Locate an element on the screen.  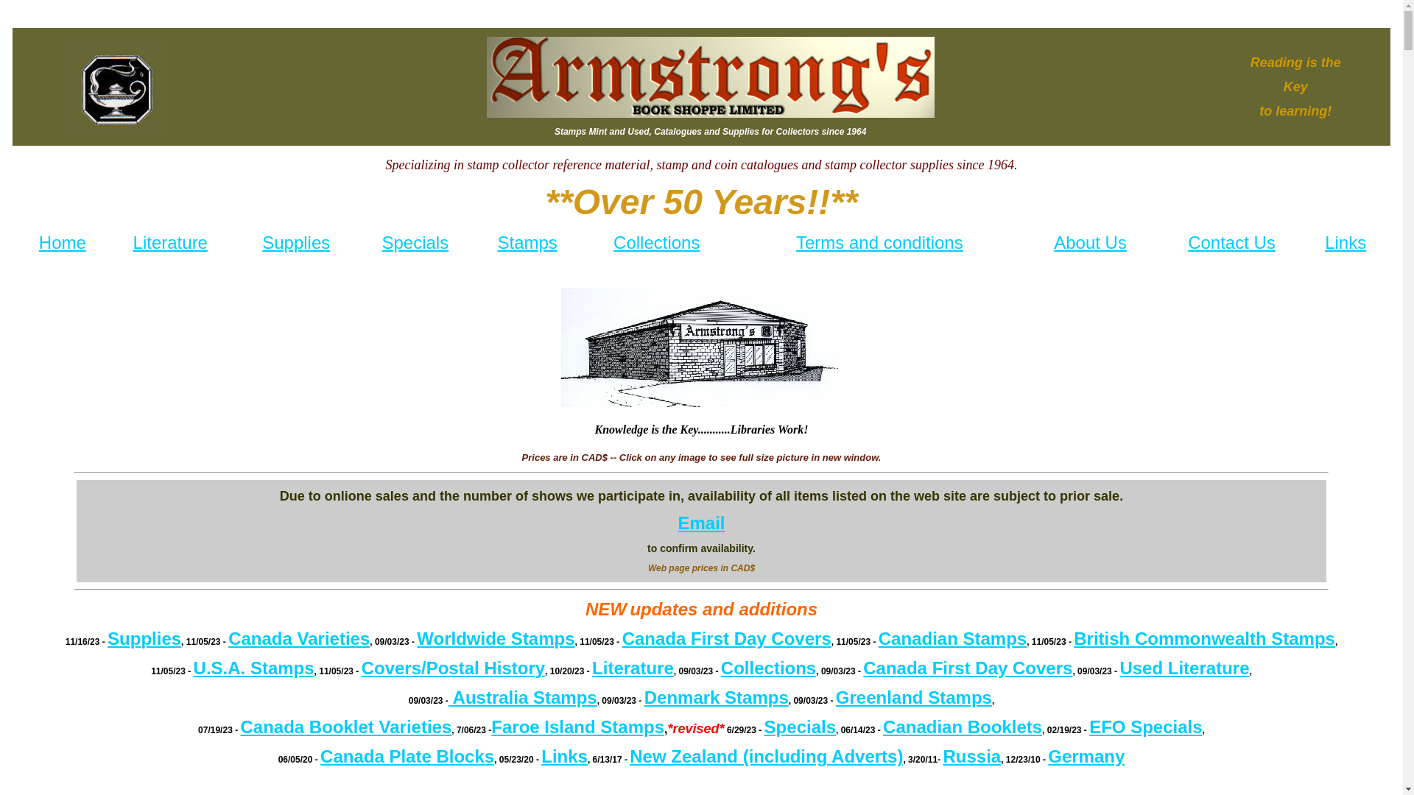
'Canada Varieties' is located at coordinates (228, 637).